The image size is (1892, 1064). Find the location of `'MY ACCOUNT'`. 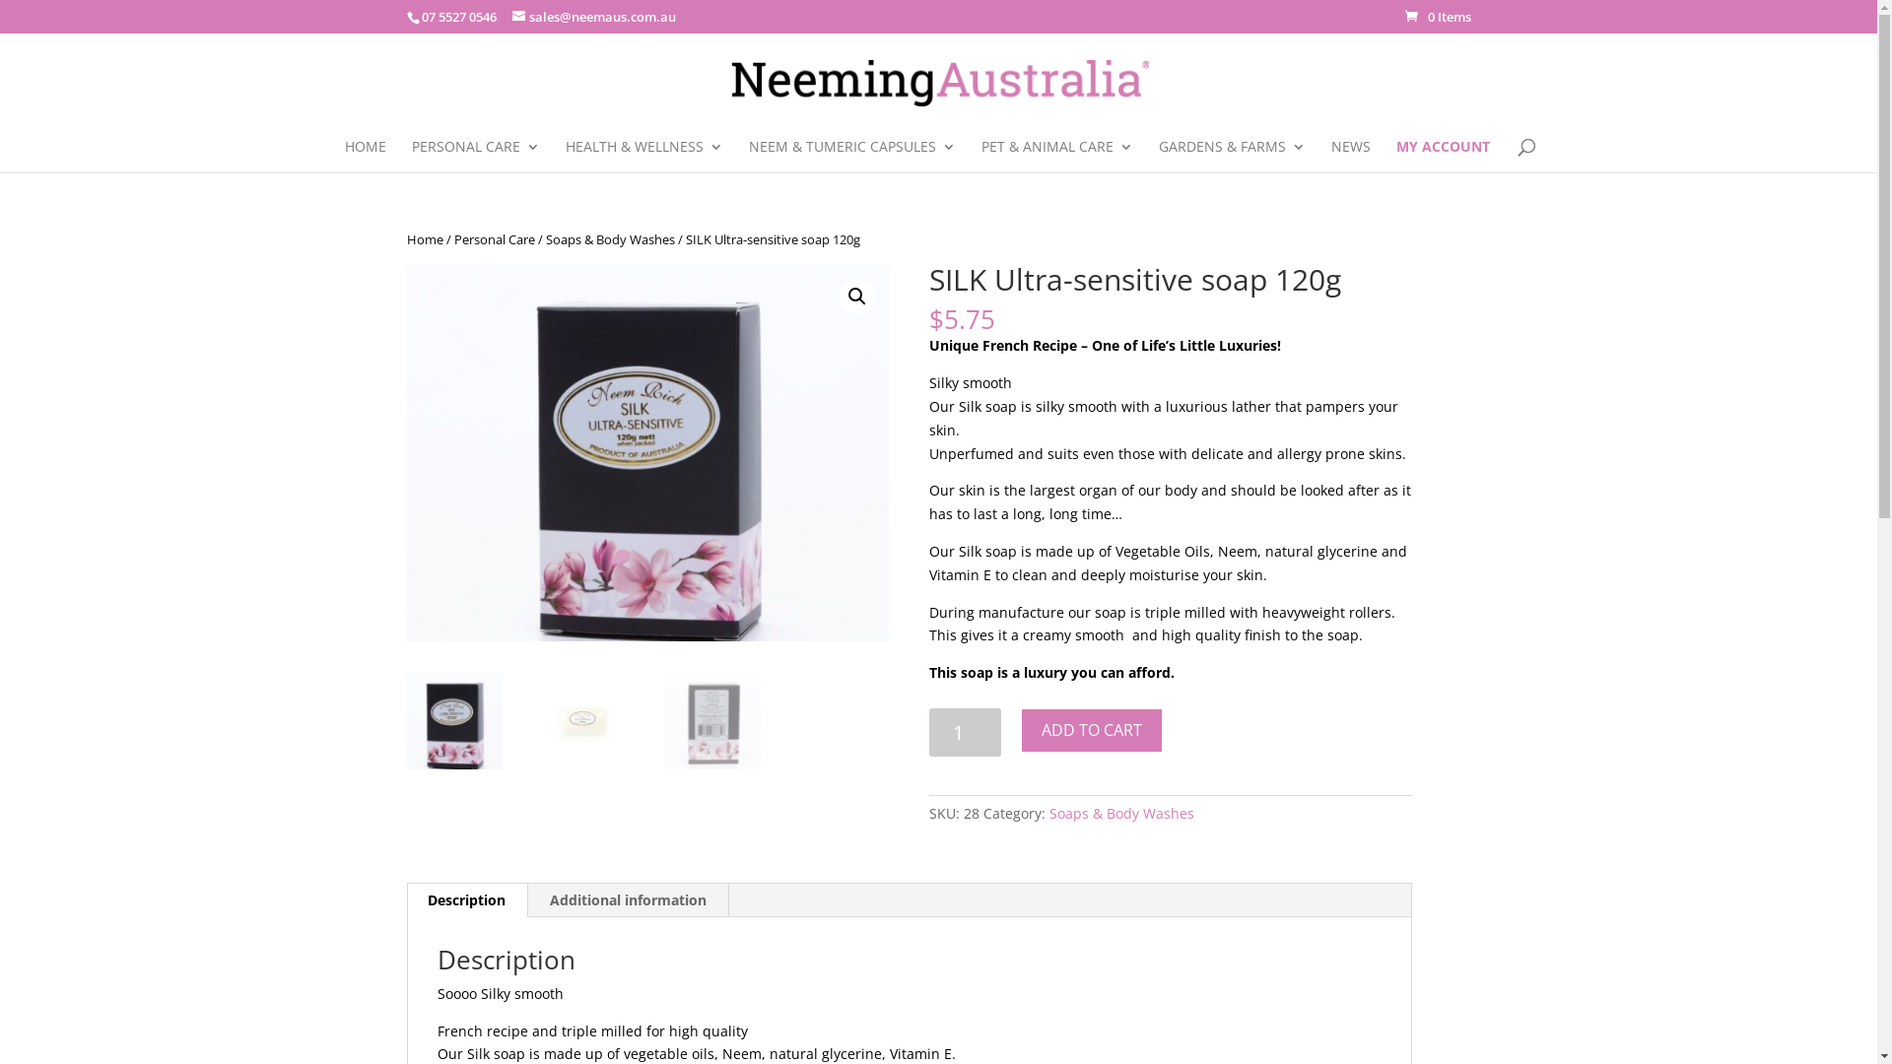

'MY ACCOUNT' is located at coordinates (1442, 155).